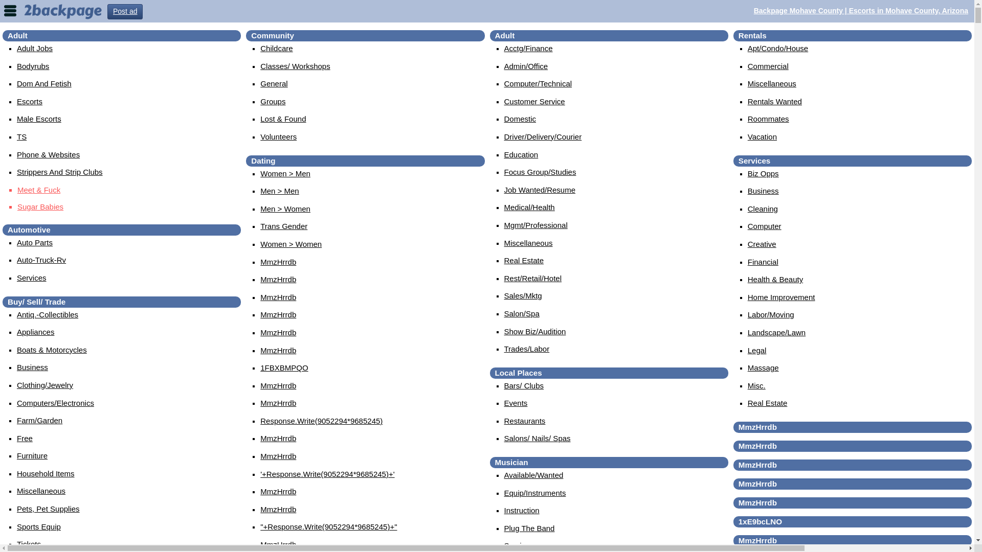  I want to click on 'Household Items', so click(17, 473).